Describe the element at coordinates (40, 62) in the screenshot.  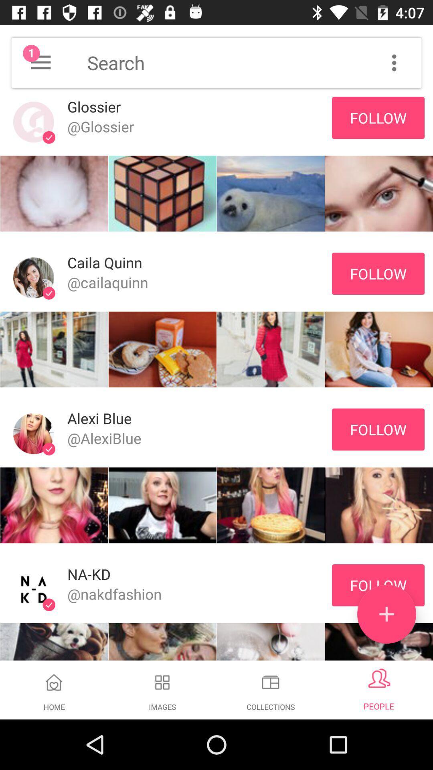
I see `menu drop down` at that location.